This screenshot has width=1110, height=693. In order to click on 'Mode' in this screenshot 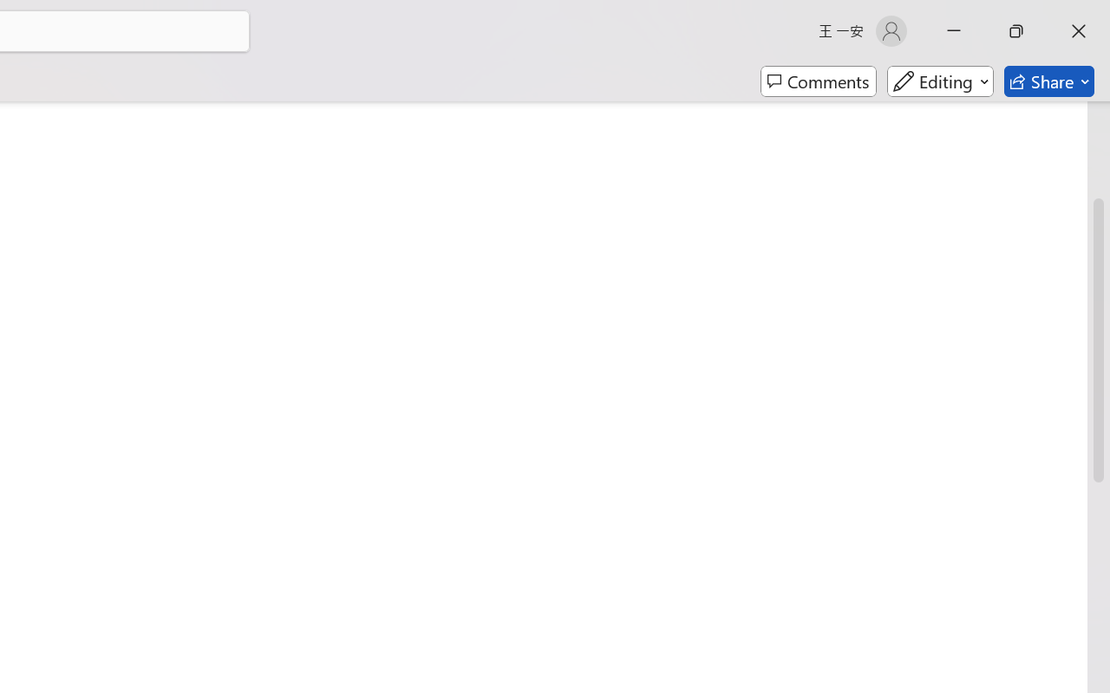, I will do `click(939, 81)`.